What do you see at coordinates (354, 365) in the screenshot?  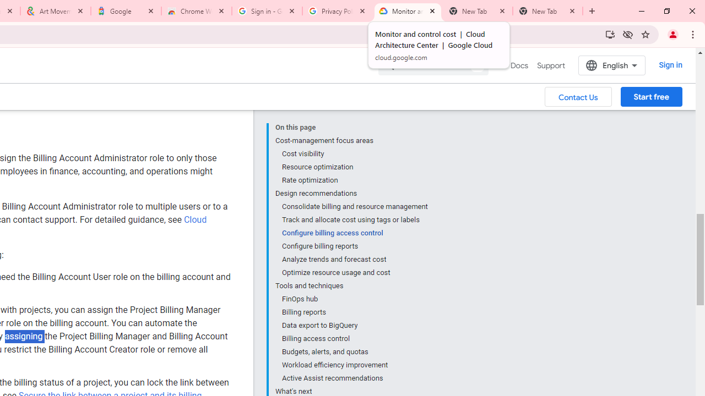 I see `'Workload efficiency improvement'` at bounding box center [354, 365].